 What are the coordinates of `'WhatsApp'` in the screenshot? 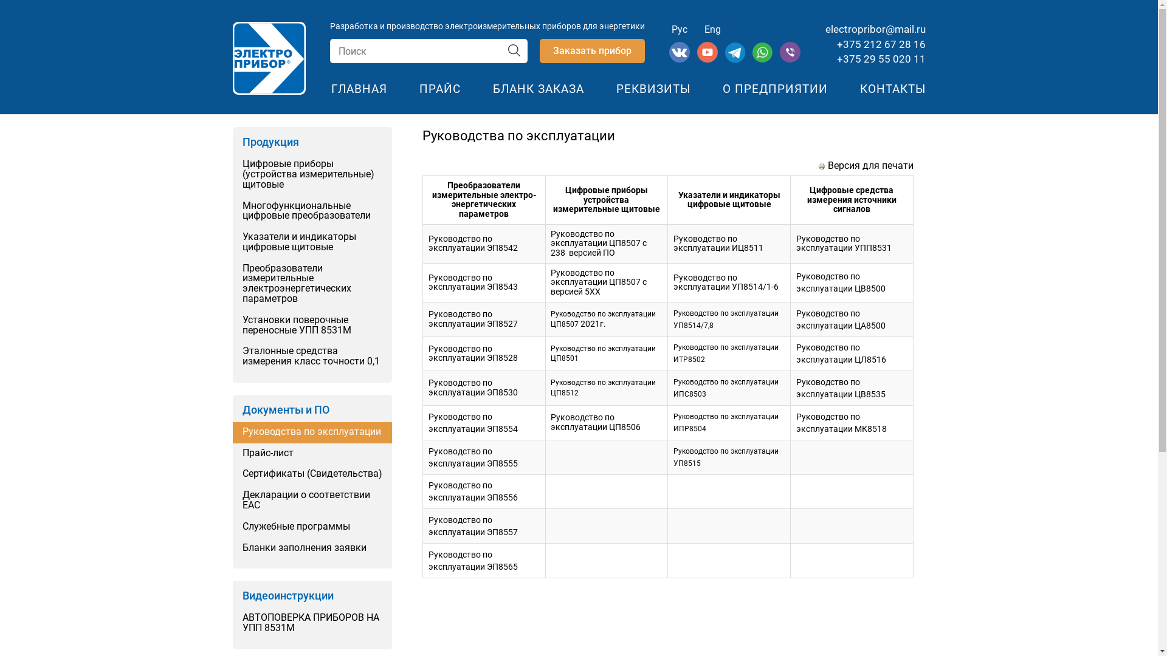 It's located at (763, 59).